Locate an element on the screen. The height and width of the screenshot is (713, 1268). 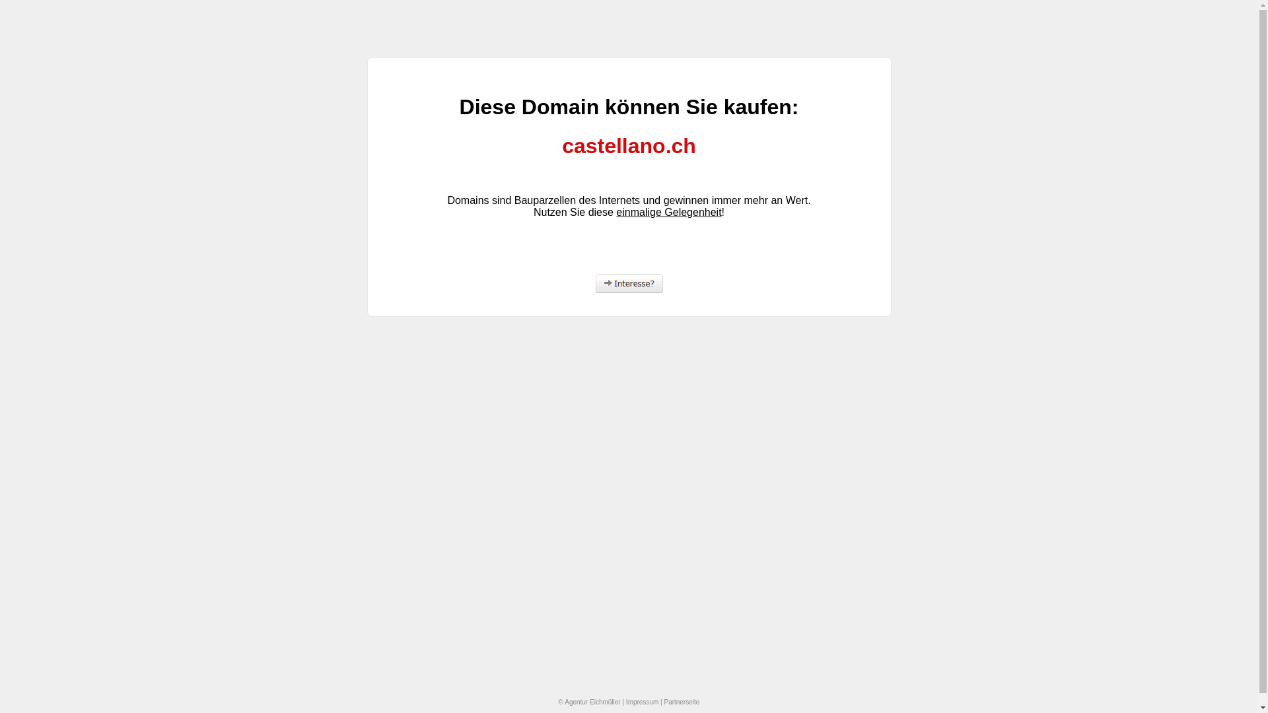
'castellano.ch' is located at coordinates (627, 146).